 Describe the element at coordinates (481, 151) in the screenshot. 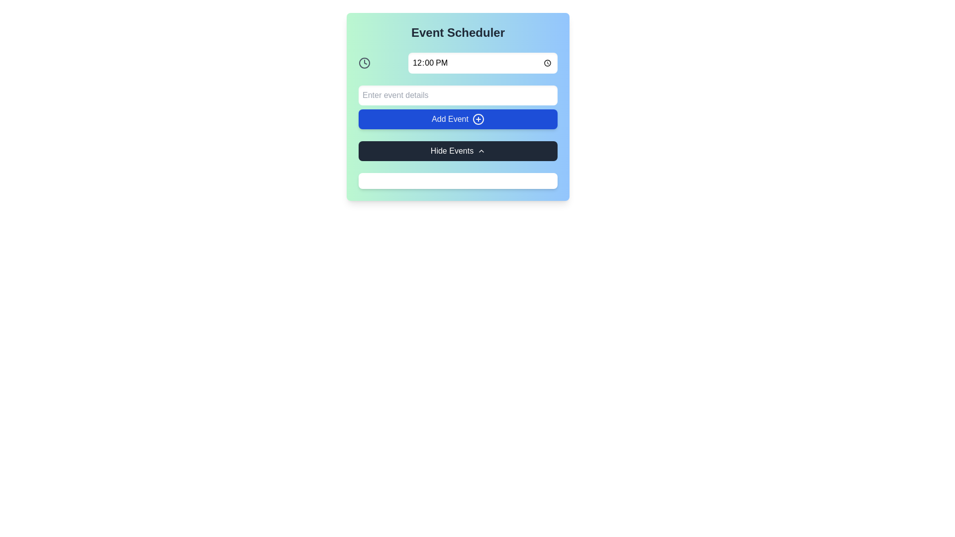

I see `the button labeled 'Hide Events' which contains an upward-pointing chevron arrow icon on the right side of the text` at that location.